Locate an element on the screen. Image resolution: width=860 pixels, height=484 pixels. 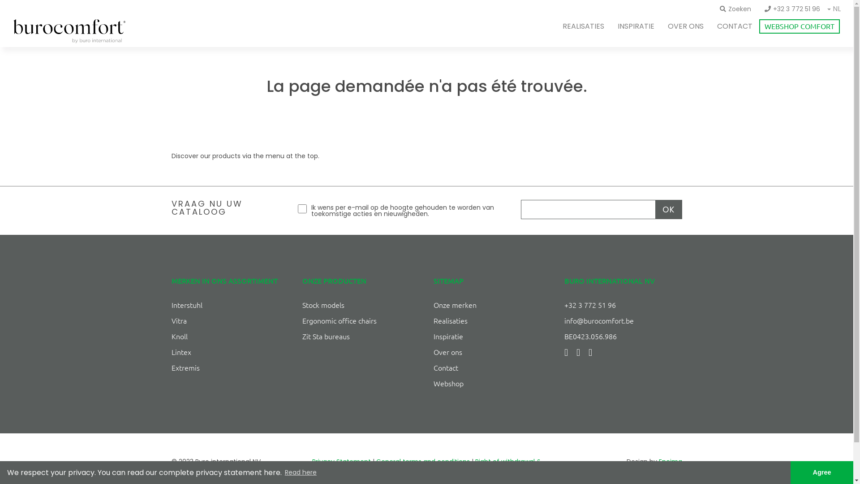
'Zit Sta bureaus' is located at coordinates (326, 336).